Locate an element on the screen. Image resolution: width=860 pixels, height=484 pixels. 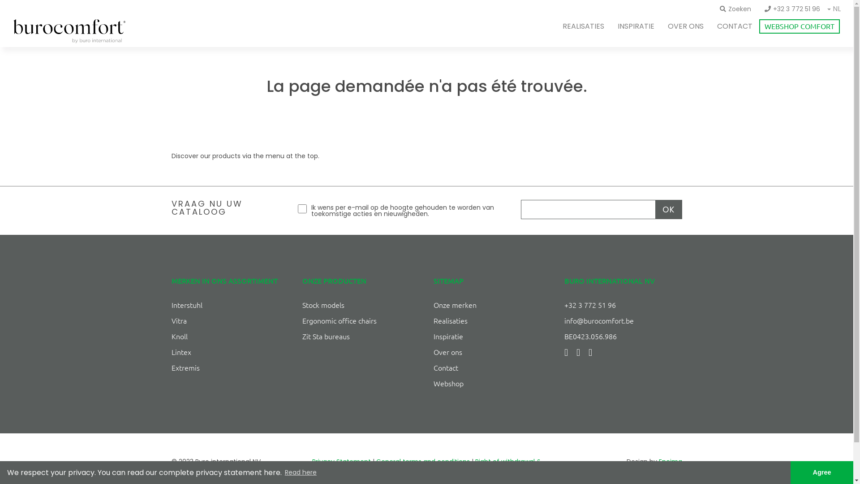
'Zit Sta bureaus' is located at coordinates (326, 336).